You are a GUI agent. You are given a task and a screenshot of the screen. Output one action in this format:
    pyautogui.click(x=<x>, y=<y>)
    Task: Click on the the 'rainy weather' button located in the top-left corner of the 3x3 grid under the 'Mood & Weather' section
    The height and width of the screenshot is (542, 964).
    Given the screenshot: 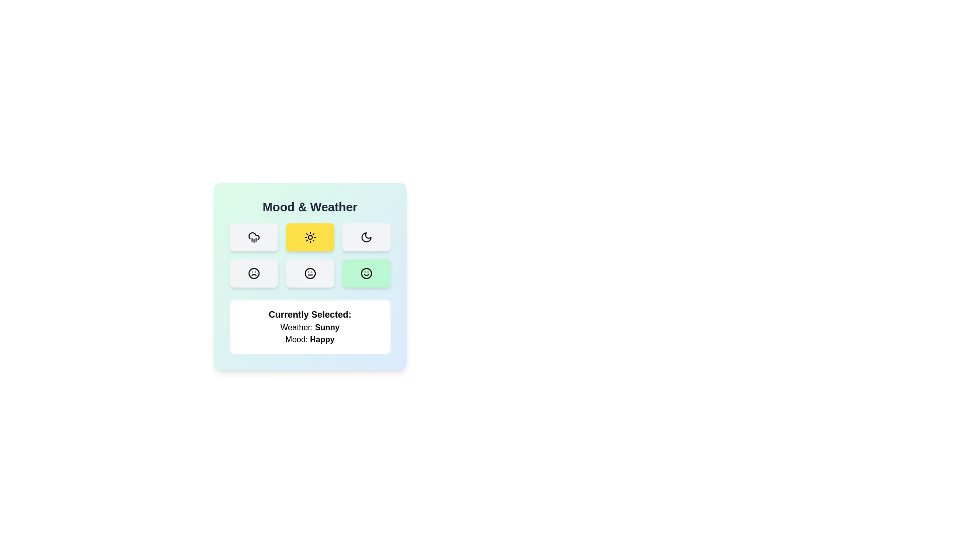 What is the action you would take?
    pyautogui.click(x=254, y=237)
    